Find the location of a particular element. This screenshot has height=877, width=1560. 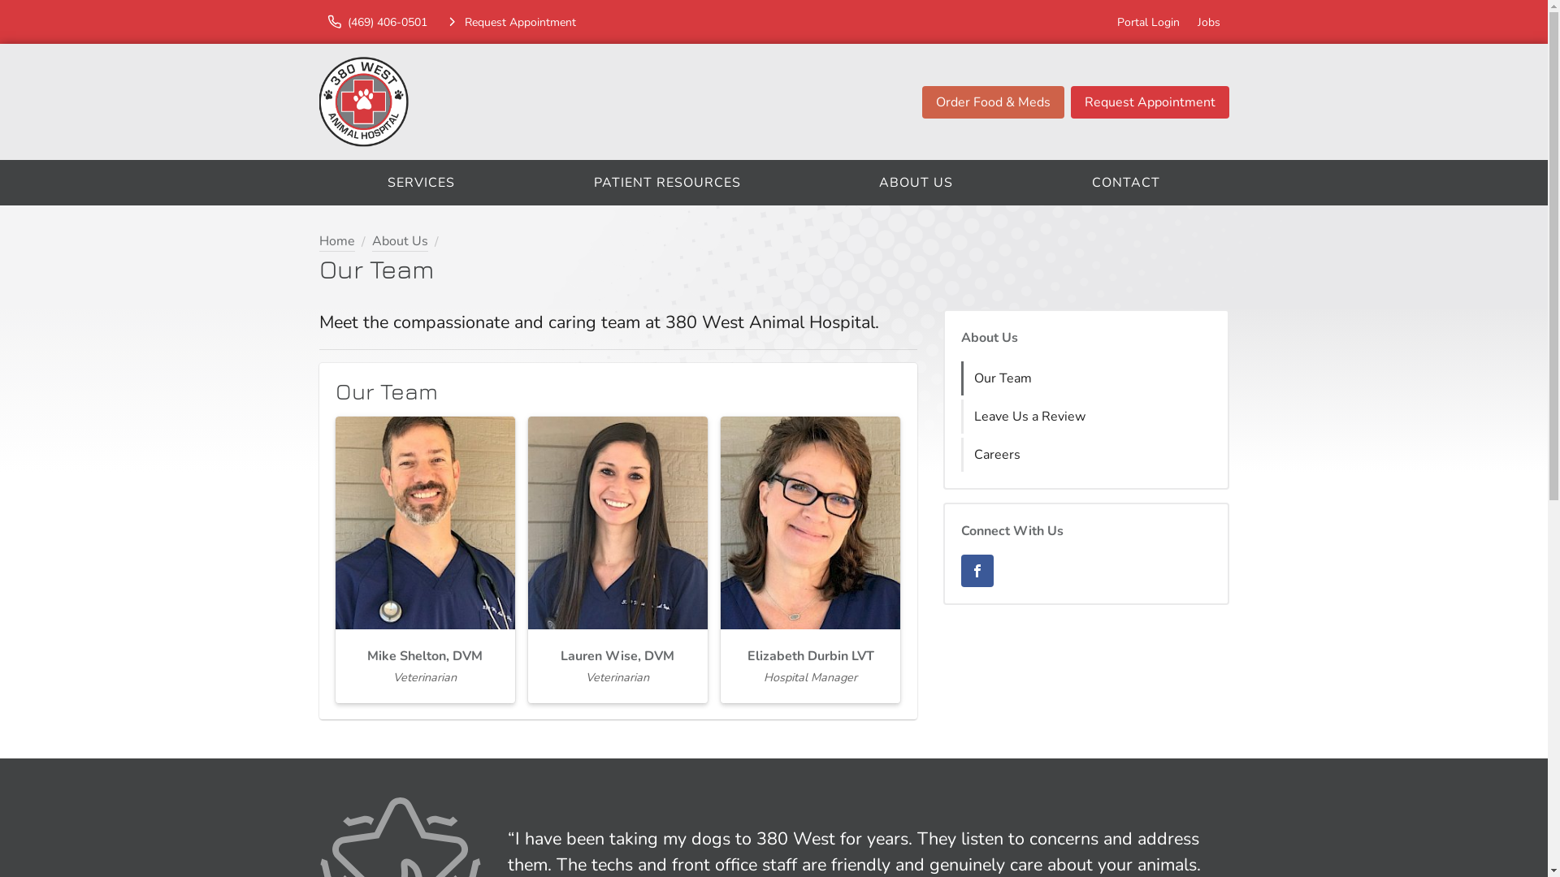

'Facebook' is located at coordinates (960, 569).